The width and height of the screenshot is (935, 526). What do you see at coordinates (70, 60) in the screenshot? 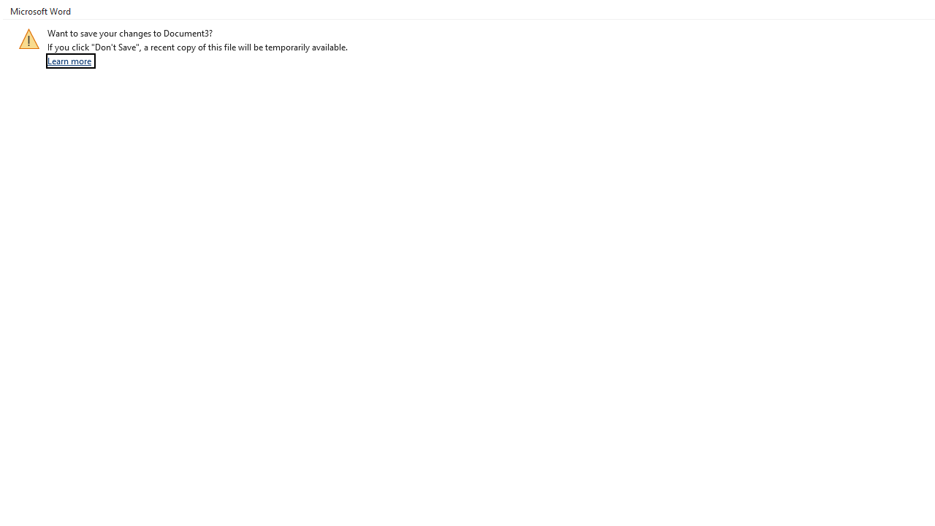
I see `'Learn more'` at bounding box center [70, 60].